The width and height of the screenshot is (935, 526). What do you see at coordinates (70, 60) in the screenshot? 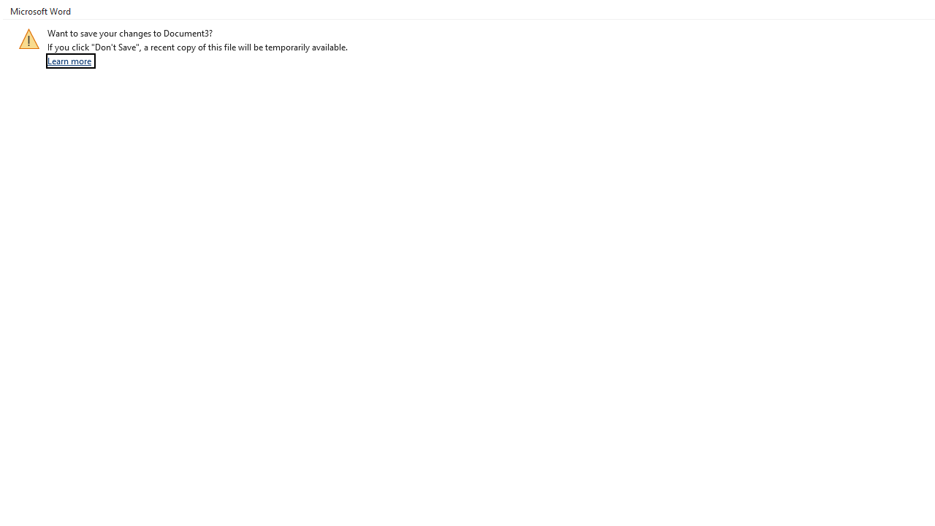
I see `'Learn more'` at bounding box center [70, 60].